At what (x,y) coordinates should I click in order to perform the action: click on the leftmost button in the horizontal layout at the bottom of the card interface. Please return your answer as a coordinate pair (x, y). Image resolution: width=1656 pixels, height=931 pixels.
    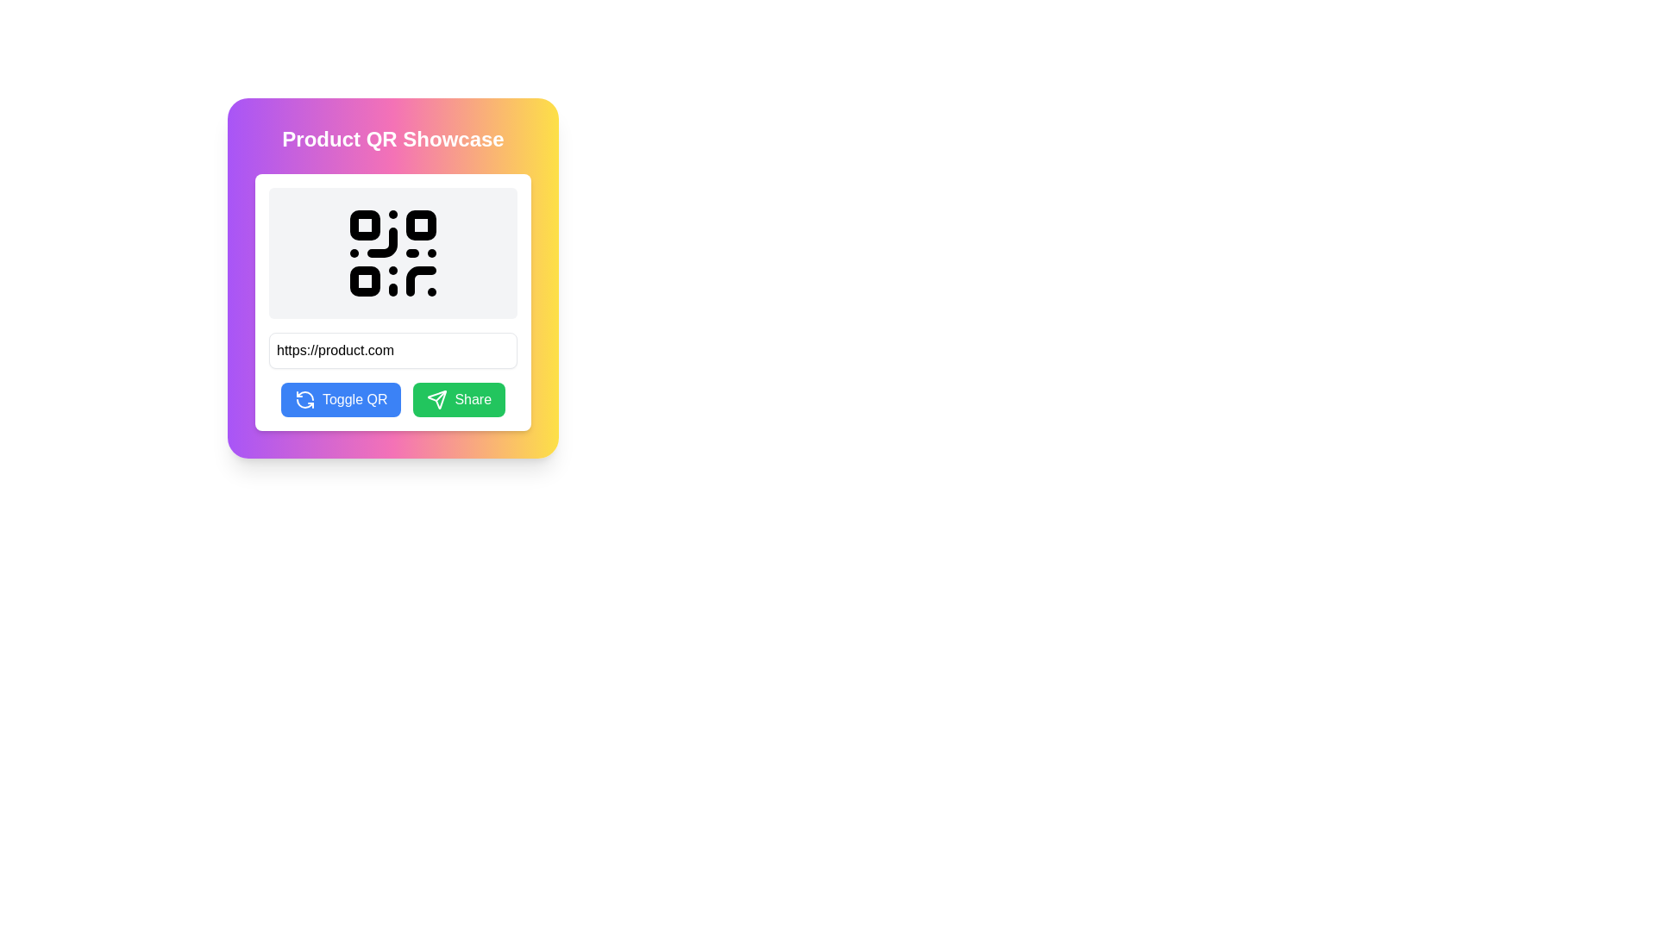
    Looking at the image, I should click on (392, 399).